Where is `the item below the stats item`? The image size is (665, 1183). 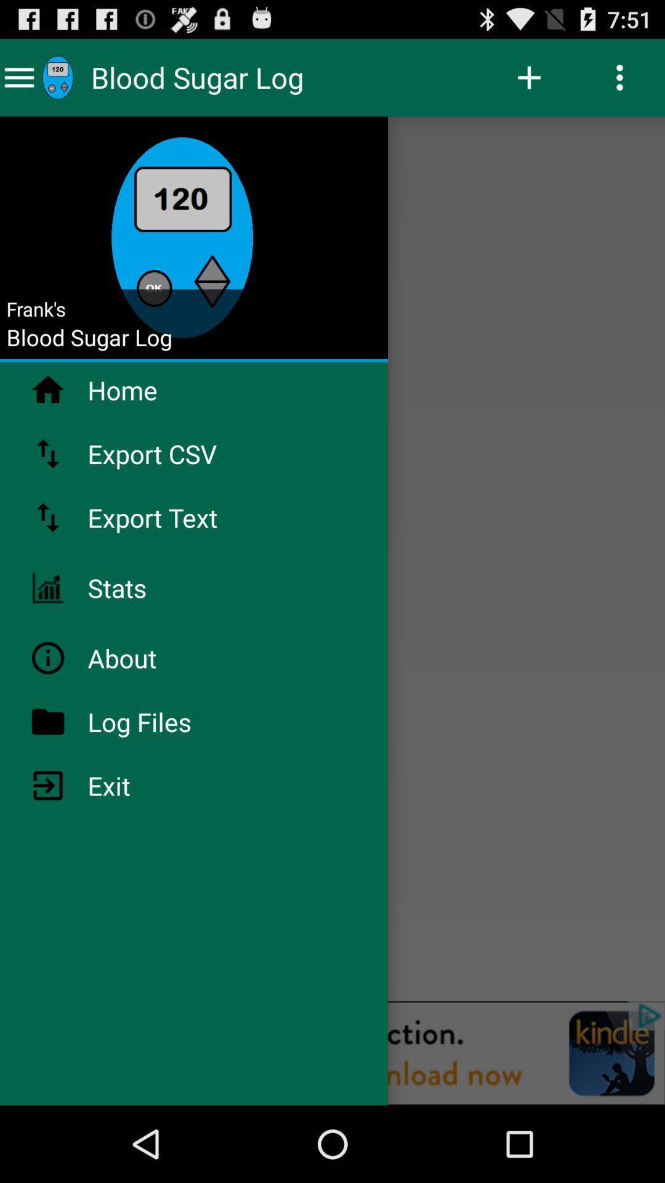
the item below the stats item is located at coordinates (153, 657).